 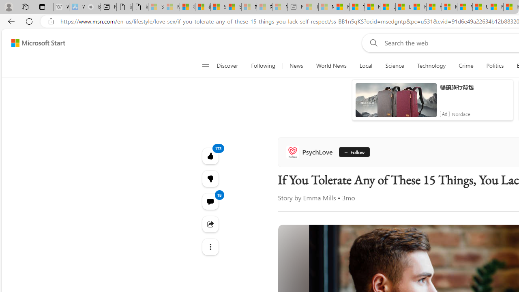 What do you see at coordinates (280, 7) in the screenshot?
I see `'Microsoft account | Account Checkup - Sleeping'` at bounding box center [280, 7].